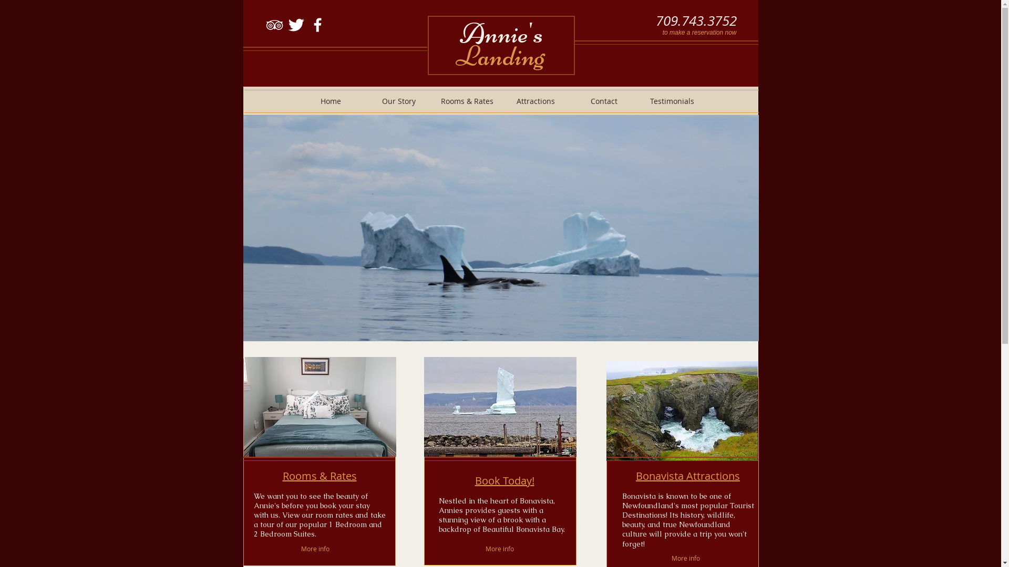  What do you see at coordinates (688, 476) in the screenshot?
I see `'Bonavista Attractions'` at bounding box center [688, 476].